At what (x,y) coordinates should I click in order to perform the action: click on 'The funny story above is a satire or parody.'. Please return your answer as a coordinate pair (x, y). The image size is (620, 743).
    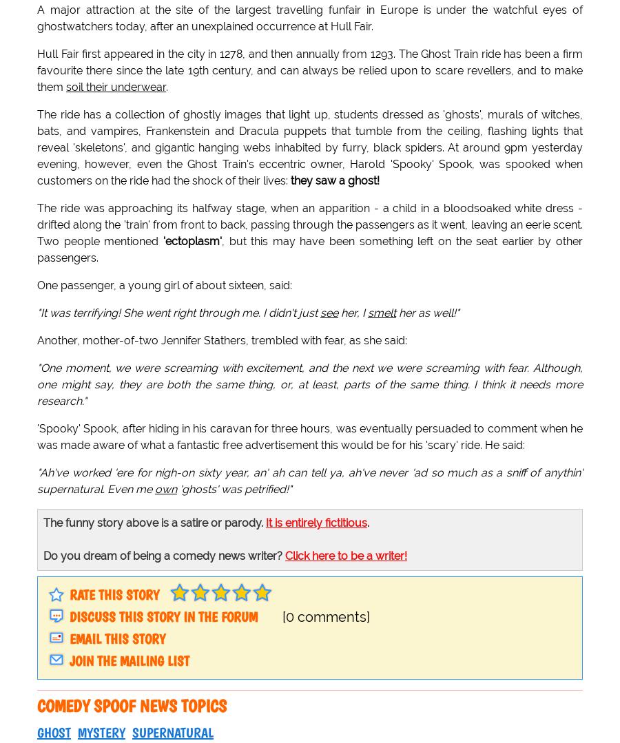
    Looking at the image, I should click on (43, 523).